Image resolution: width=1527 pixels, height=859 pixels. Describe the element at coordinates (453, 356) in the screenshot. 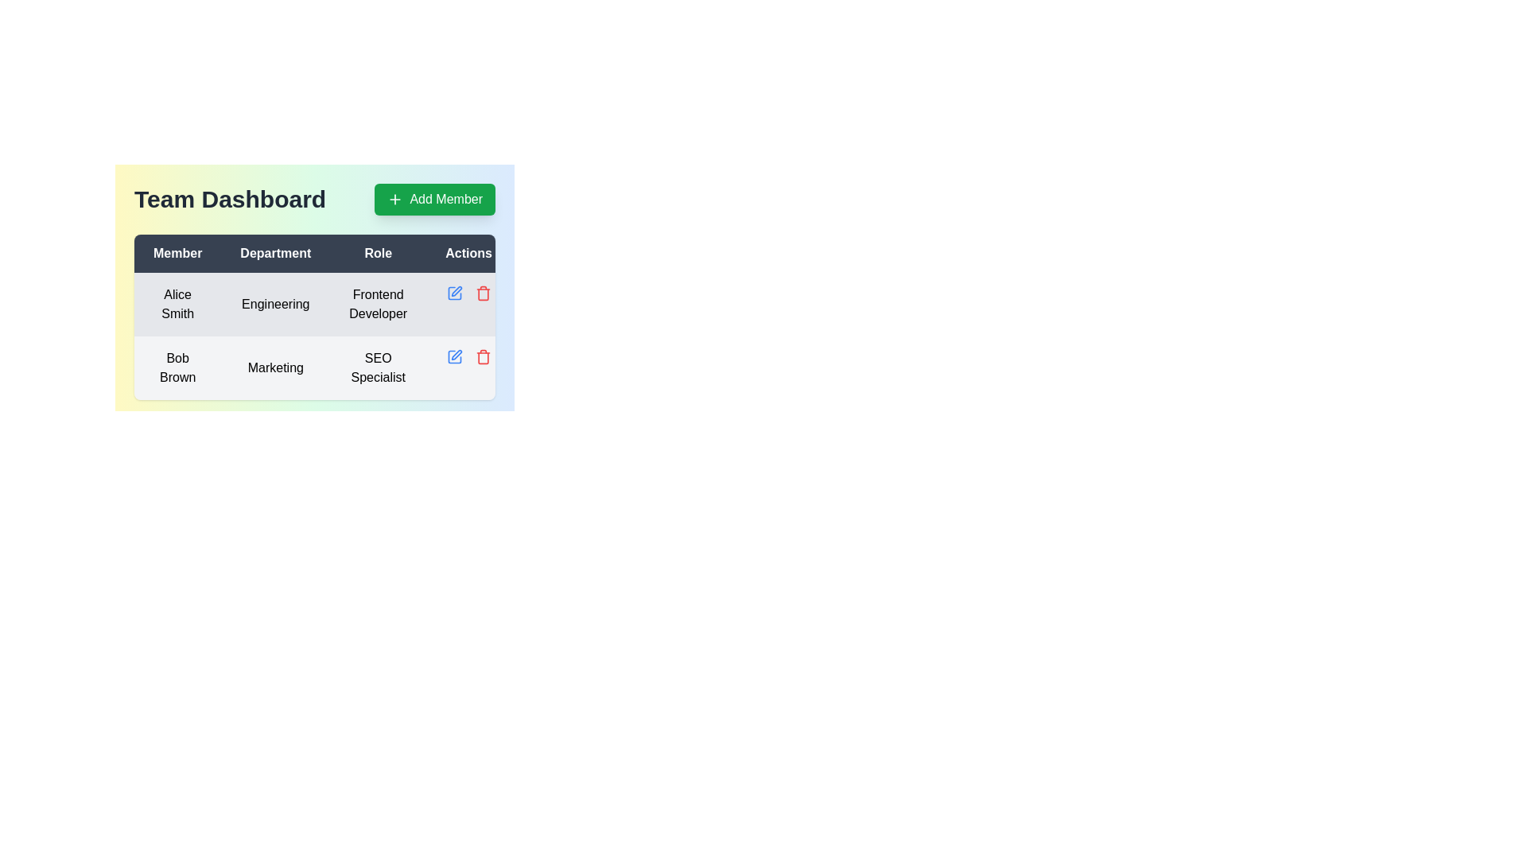

I see `the pen icon button in the 'Actions' column of the second row in the 'Team Dashboard'` at that location.